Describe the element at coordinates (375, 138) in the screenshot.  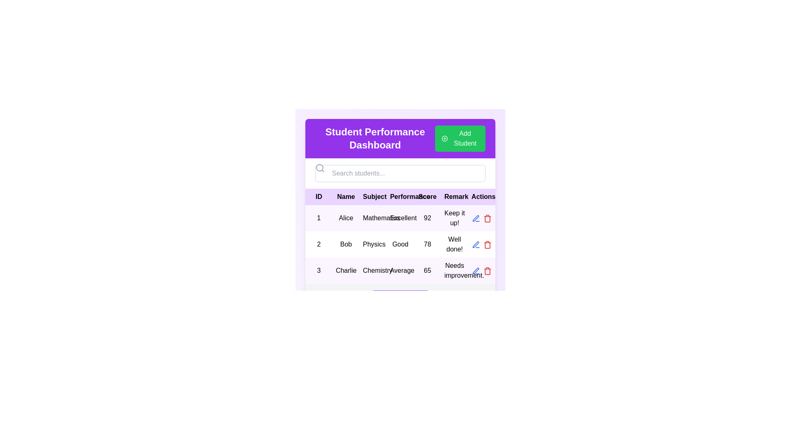
I see `the text label displaying 'Student Performance Dashboard' with a purple background and white font color, located in the header section of the interface` at that location.